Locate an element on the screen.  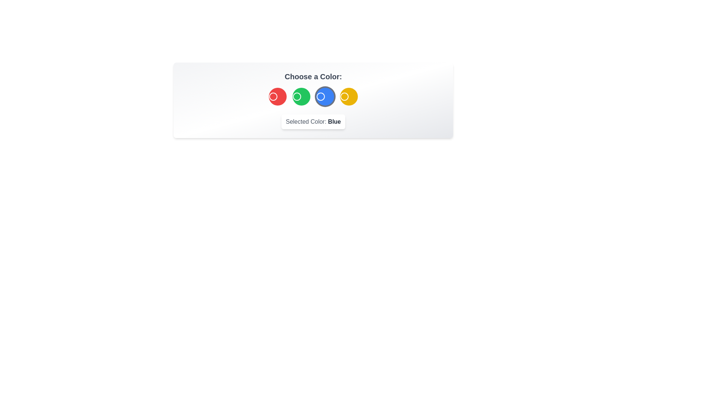
the color button corresponding to Yellow is located at coordinates (348, 96).